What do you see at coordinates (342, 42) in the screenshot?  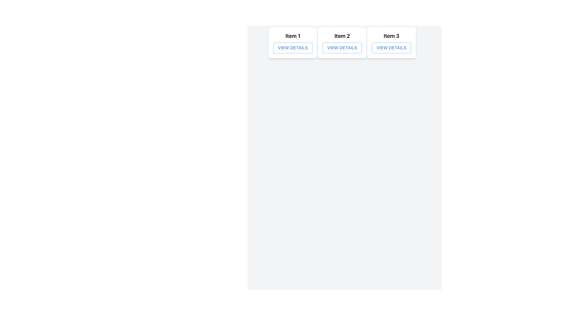 I see `the Composite component with the title 'Item 2' and the button labeled 'VIEW DETAILS'` at bounding box center [342, 42].